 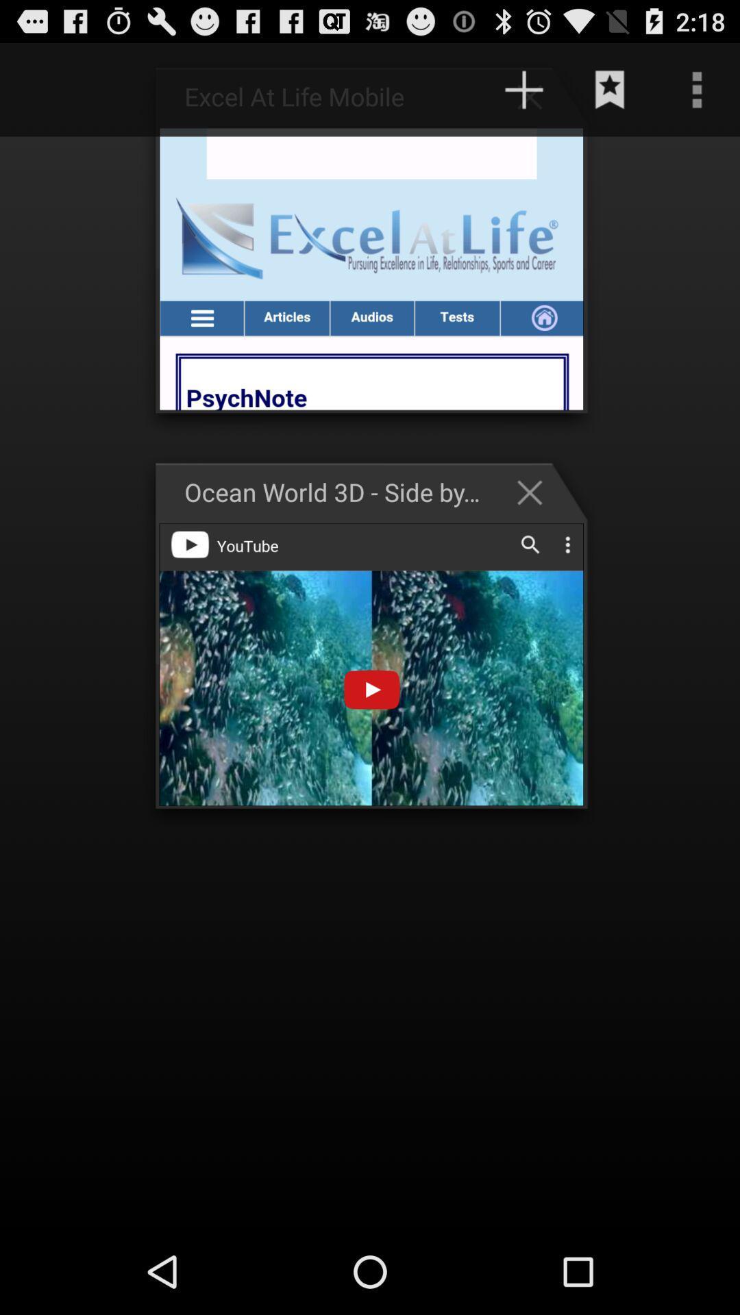 What do you see at coordinates (536, 525) in the screenshot?
I see `the close icon` at bounding box center [536, 525].